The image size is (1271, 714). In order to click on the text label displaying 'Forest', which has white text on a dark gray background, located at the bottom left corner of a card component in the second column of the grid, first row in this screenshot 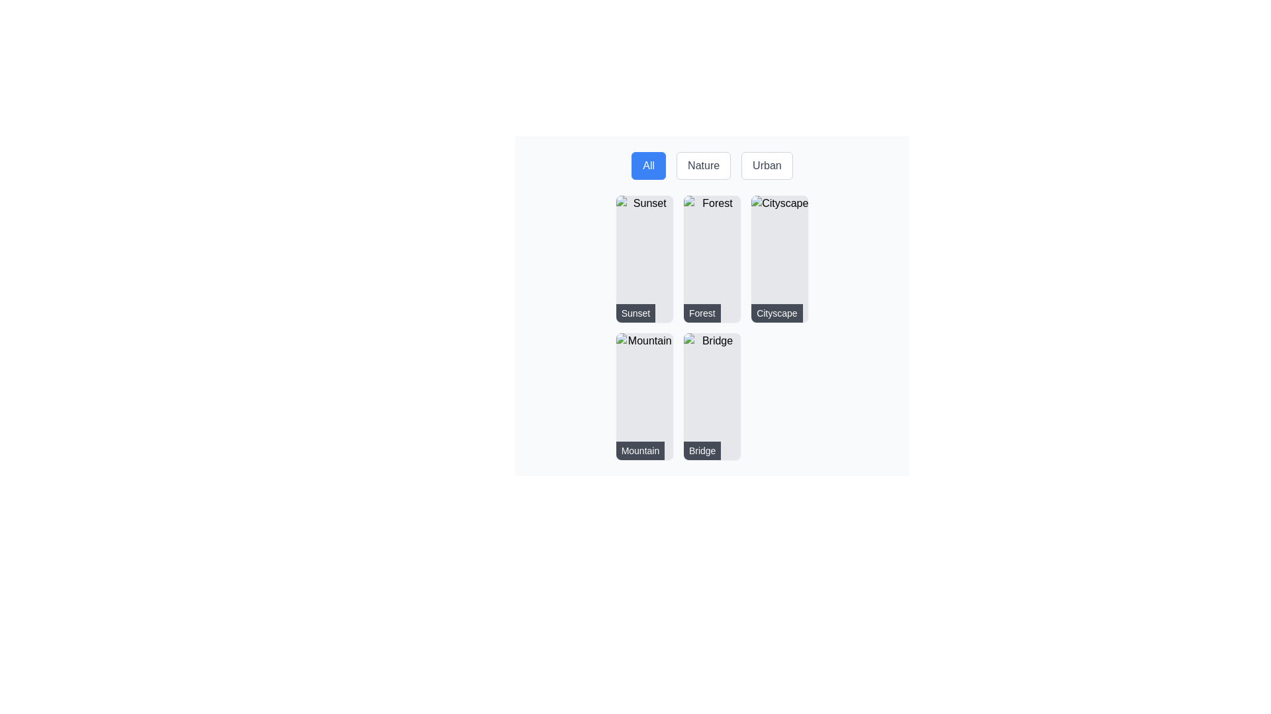, I will do `click(701, 313)`.